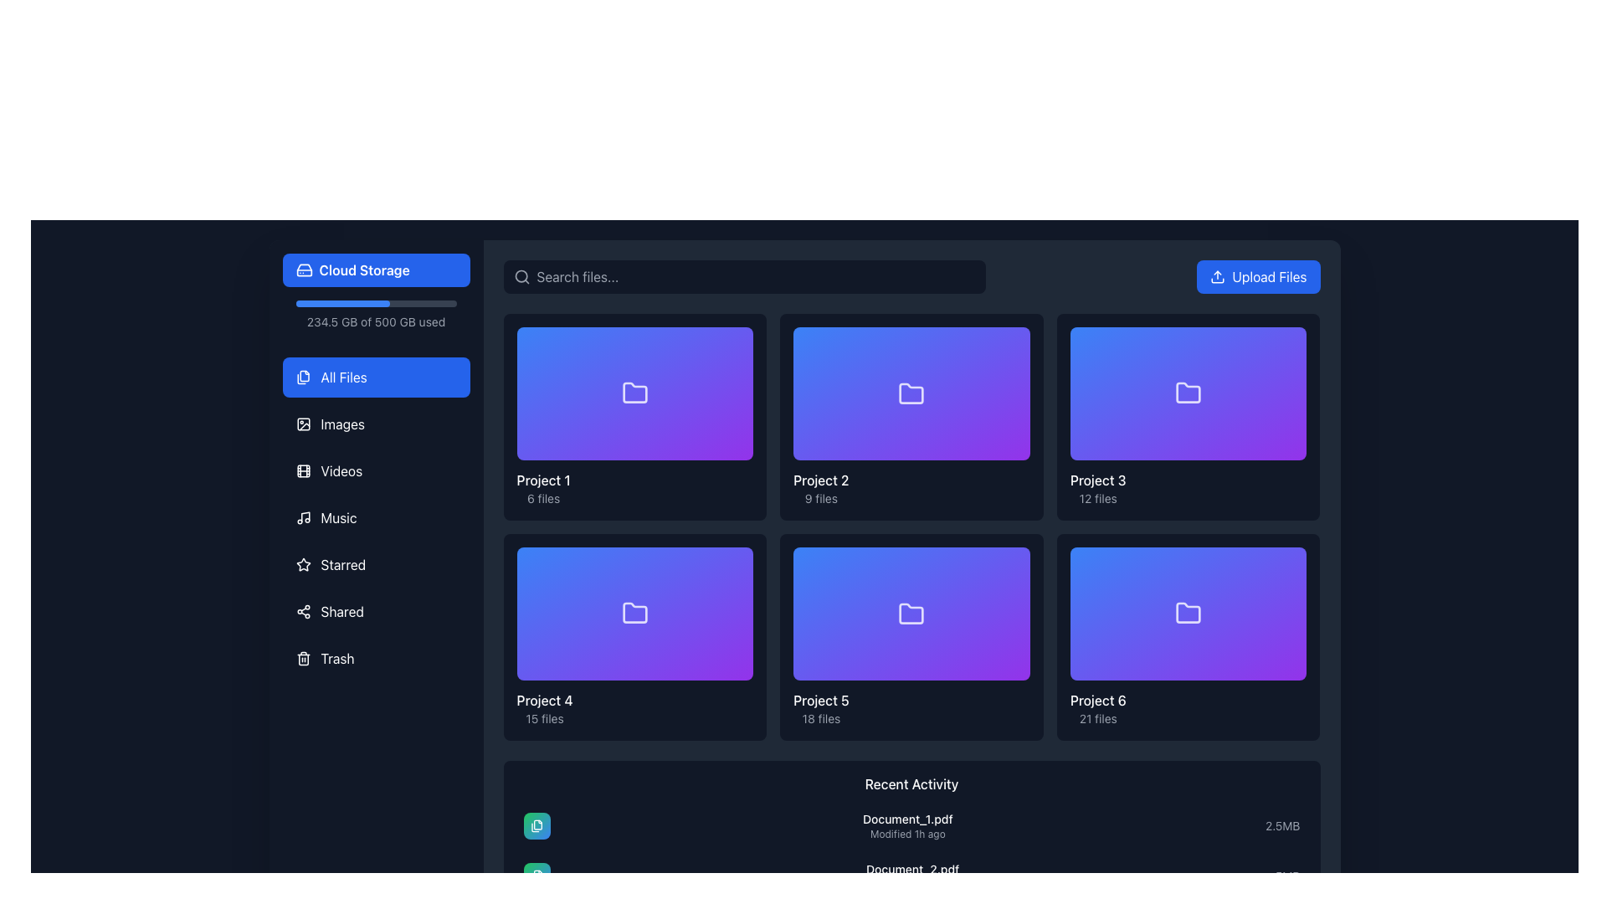  Describe the element at coordinates (545, 701) in the screenshot. I see `the 'Project 4' text label to focus attention on it` at that location.